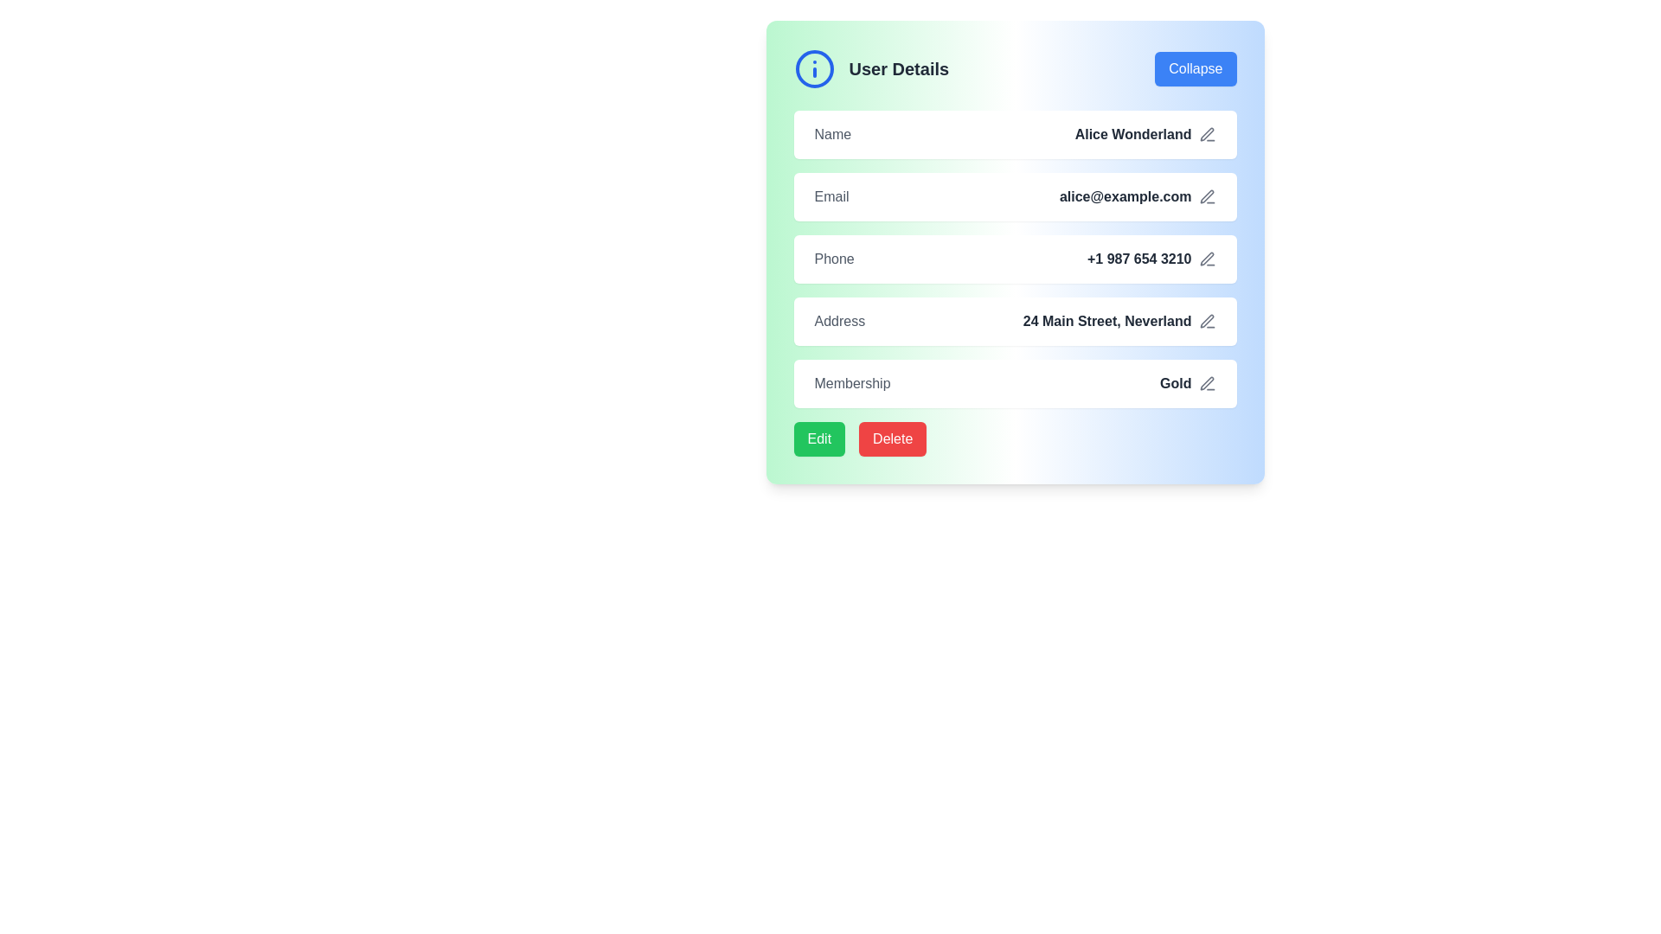 This screenshot has height=934, width=1661. What do you see at coordinates (839, 321) in the screenshot?
I see `the address label located in the 'Address' section, which precedes the text '24 Main Street, Neverland' in the user details form` at bounding box center [839, 321].